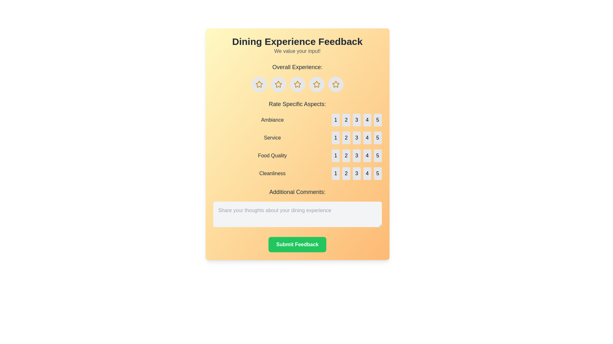 The height and width of the screenshot is (344, 613). What do you see at coordinates (356, 173) in the screenshot?
I see `the button labeled '3' in the Cleanliness rating section` at bounding box center [356, 173].